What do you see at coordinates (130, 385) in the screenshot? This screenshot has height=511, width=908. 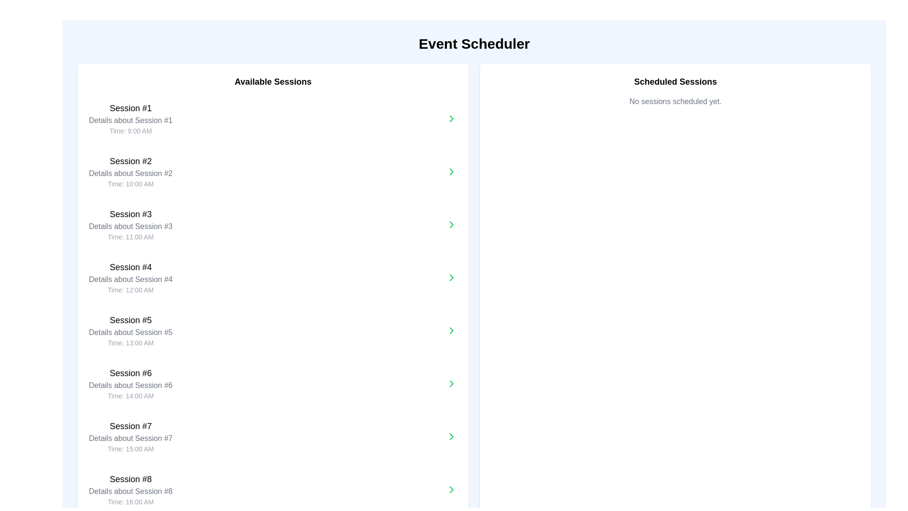 I see `the gray text label that reads 'Details about Session #6', located directly beneath the main title 'Session #6' in the 'Available Sessions' section` at bounding box center [130, 385].